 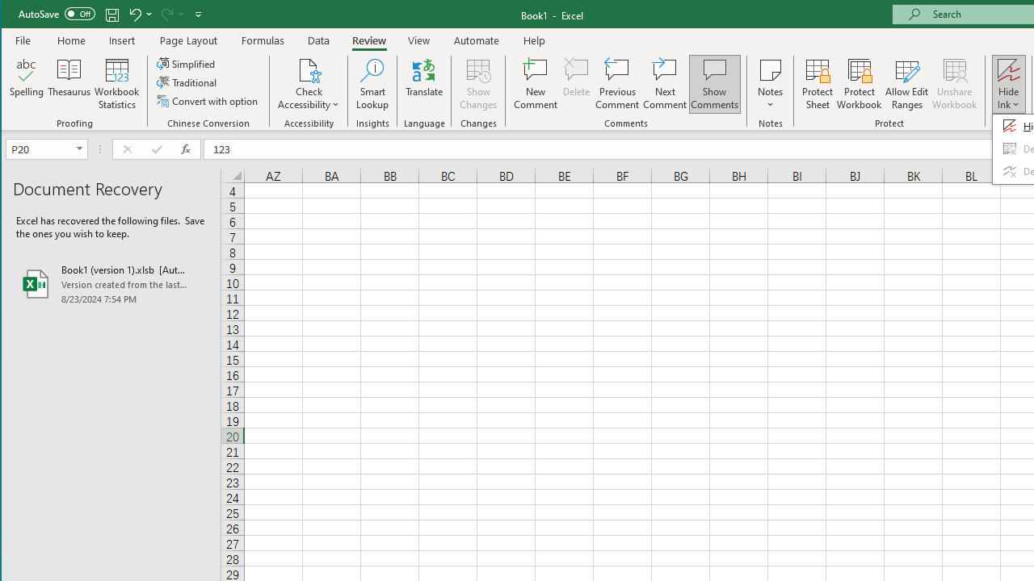 What do you see at coordinates (27, 84) in the screenshot?
I see `'Spelling...'` at bounding box center [27, 84].